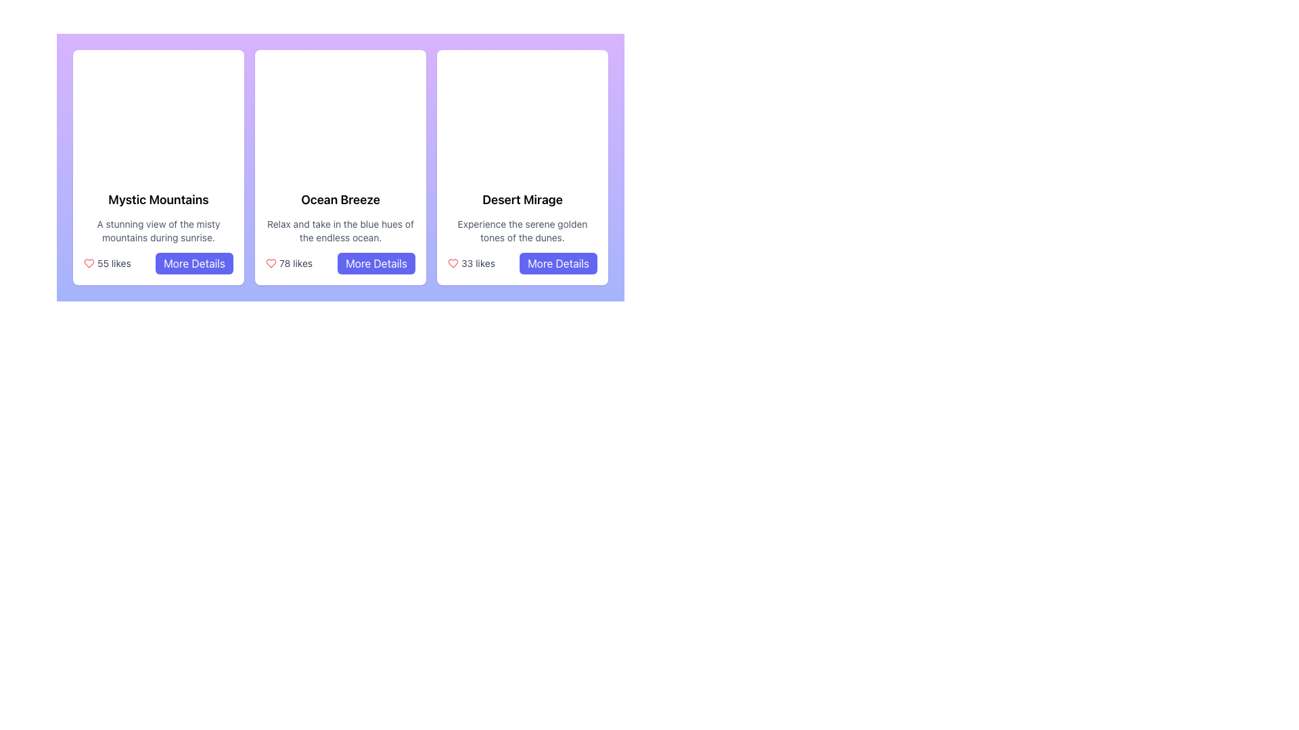 The image size is (1299, 730). I want to click on the like icon located in the third card of the layout, which is visually represented for liking or favoriting content, so click(453, 263).